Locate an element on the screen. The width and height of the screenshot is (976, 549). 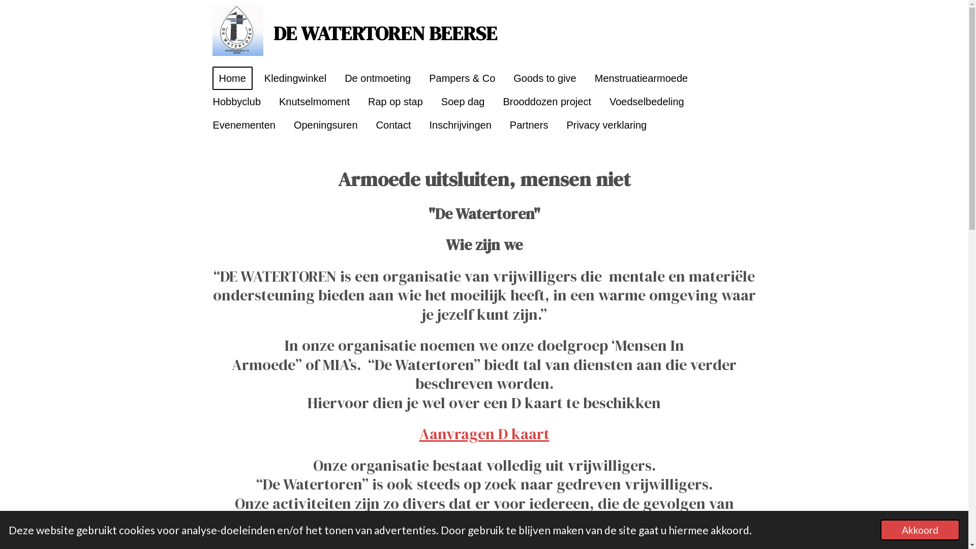
'Rap op stap' is located at coordinates (361, 102).